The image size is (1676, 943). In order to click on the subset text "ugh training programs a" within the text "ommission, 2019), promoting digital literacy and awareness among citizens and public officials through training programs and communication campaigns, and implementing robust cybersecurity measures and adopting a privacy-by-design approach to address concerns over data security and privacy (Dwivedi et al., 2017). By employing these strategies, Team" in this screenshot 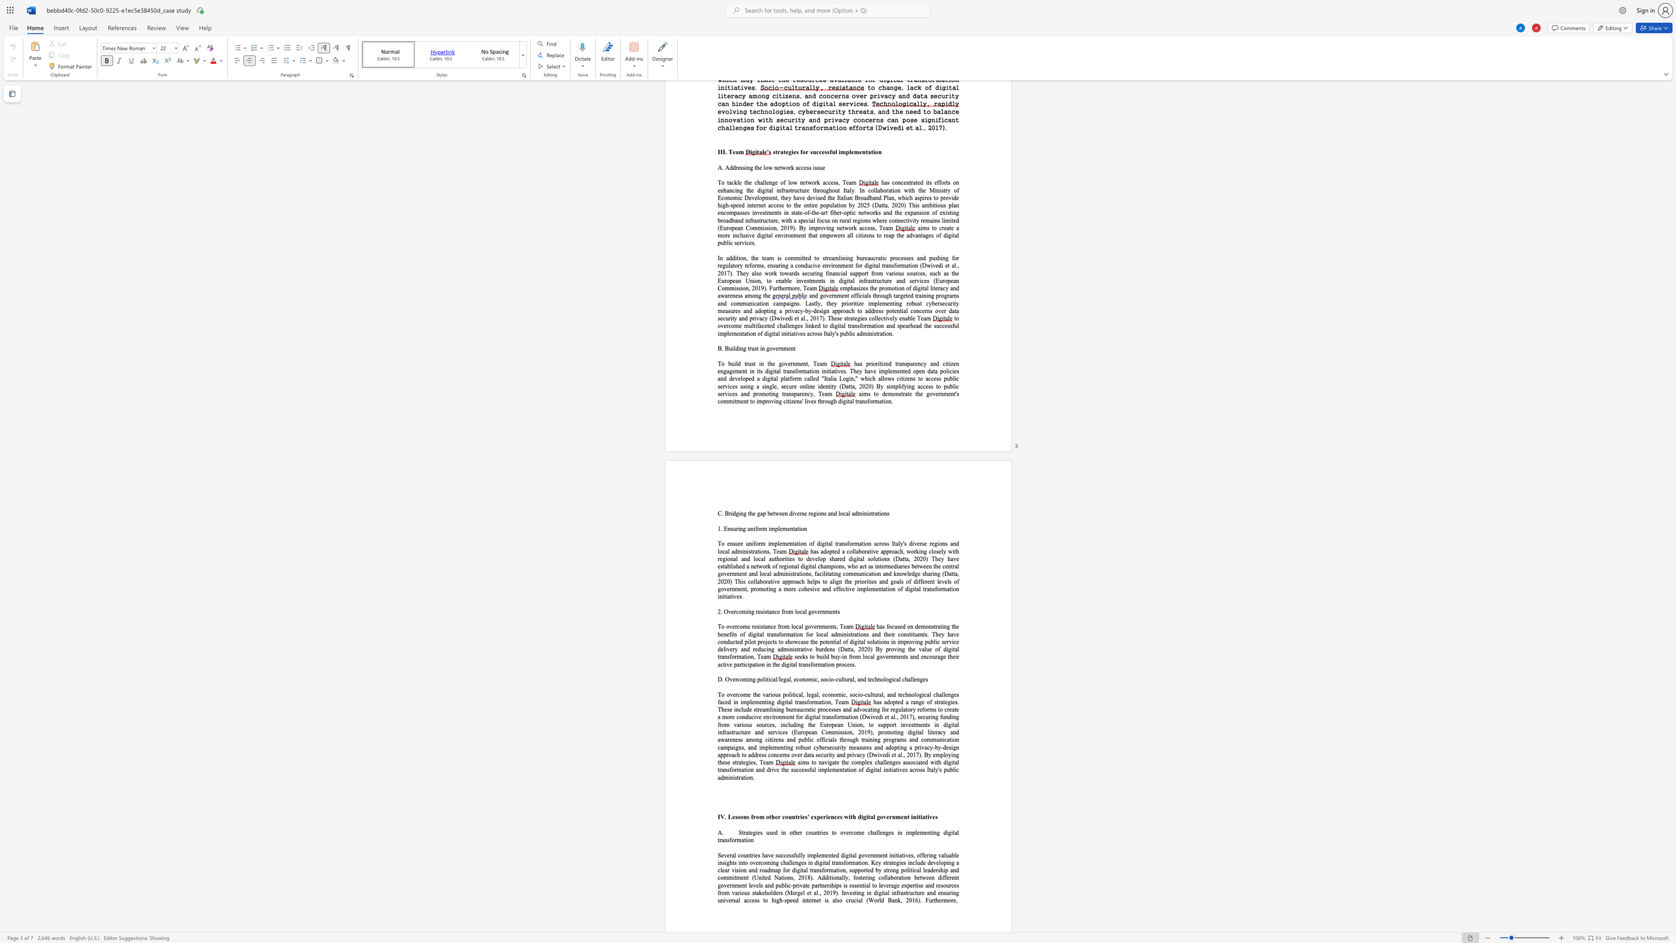, I will do `click(849, 739)`.